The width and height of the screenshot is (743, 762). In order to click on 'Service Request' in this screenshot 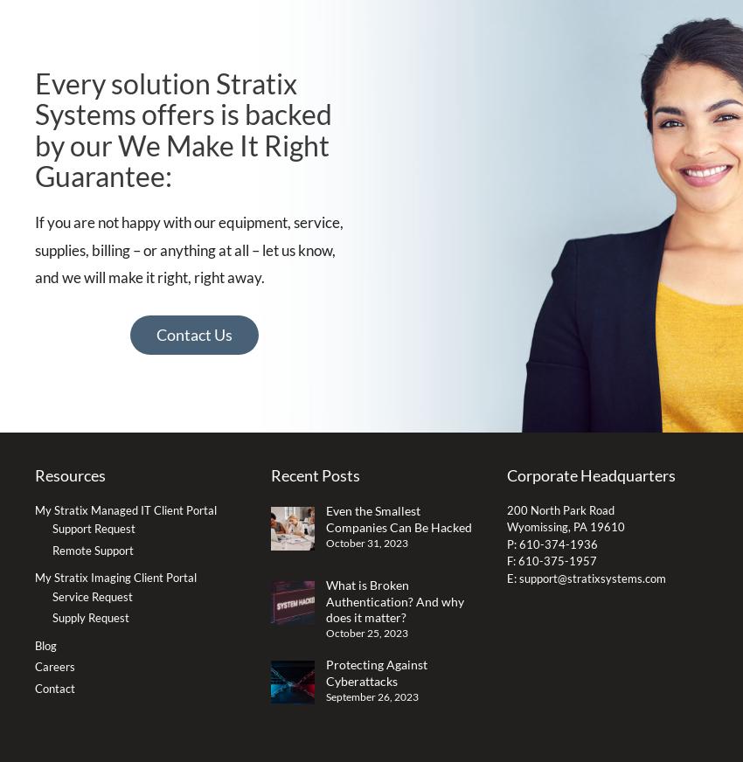, I will do `click(52, 594)`.